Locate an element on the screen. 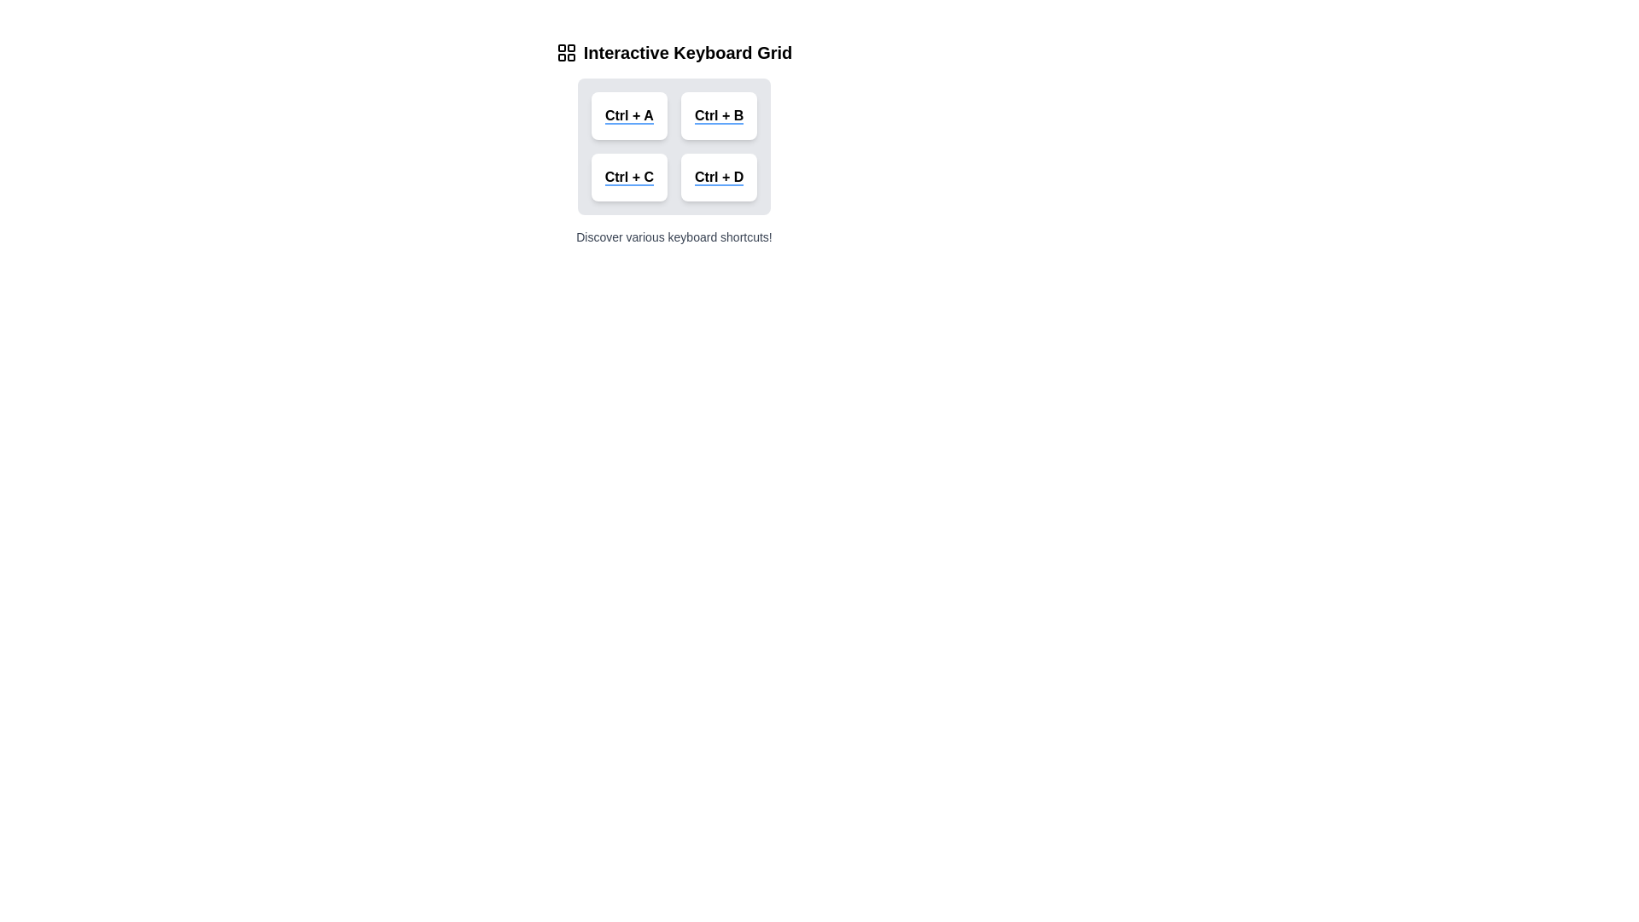 This screenshot has width=1639, height=922. informational text located at the bottom of the 'Interactive Keyboard Grid' section, which hints at the availability of keyboard shortcuts is located at coordinates (674, 236).